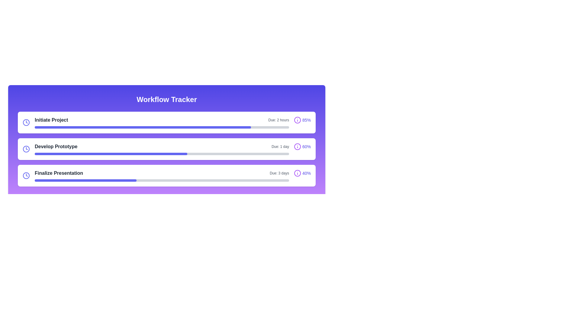 The width and height of the screenshot is (580, 326). What do you see at coordinates (59, 173) in the screenshot?
I see `the Text Label that identifies the task or workflow step, positioned in the third card section of a vertical list, above the 'Due: 3 days' text` at bounding box center [59, 173].